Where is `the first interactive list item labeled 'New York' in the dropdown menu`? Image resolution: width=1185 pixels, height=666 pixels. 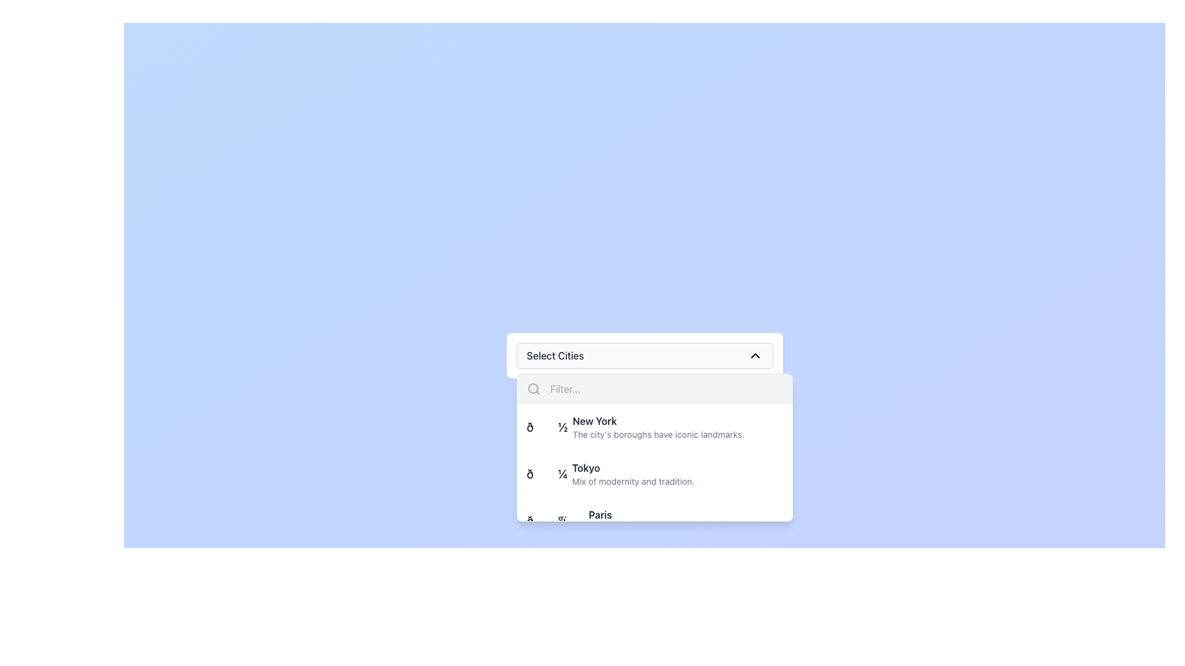
the first interactive list item labeled 'New York' in the dropdown menu is located at coordinates (654, 427).